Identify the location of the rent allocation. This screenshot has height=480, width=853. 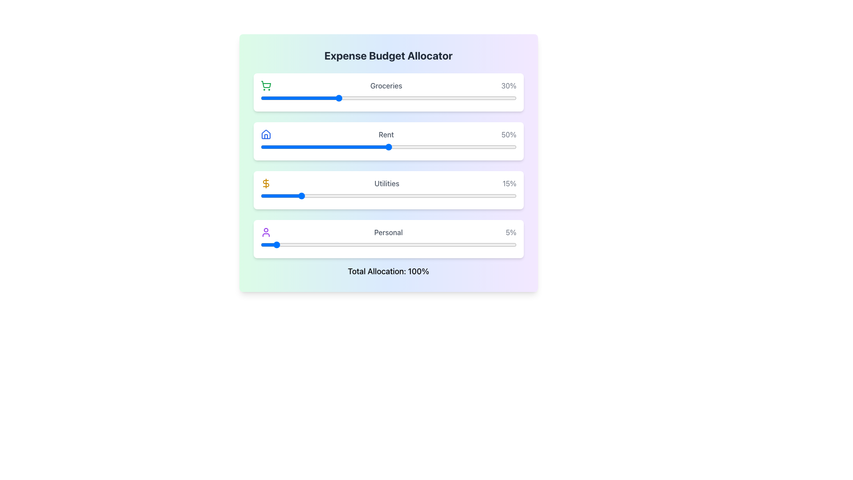
(299, 147).